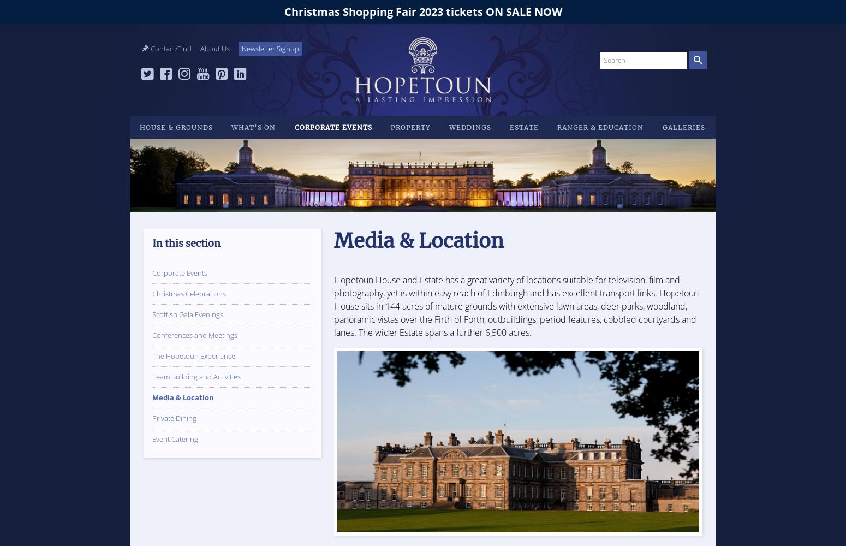 Image resolution: width=846 pixels, height=546 pixels. Describe the element at coordinates (174, 439) in the screenshot. I see `'Event Catering'` at that location.